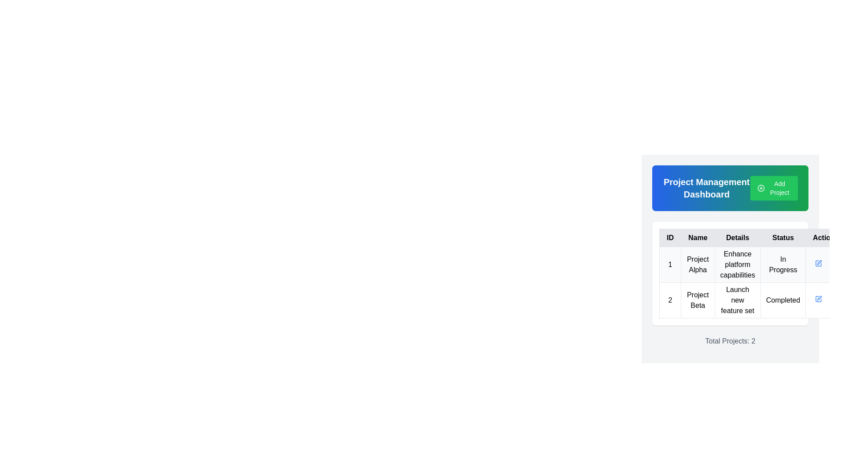  What do you see at coordinates (738, 237) in the screenshot?
I see `the Table Header Label located in the third column of the table, between the headers 'Name' and 'Status'` at bounding box center [738, 237].